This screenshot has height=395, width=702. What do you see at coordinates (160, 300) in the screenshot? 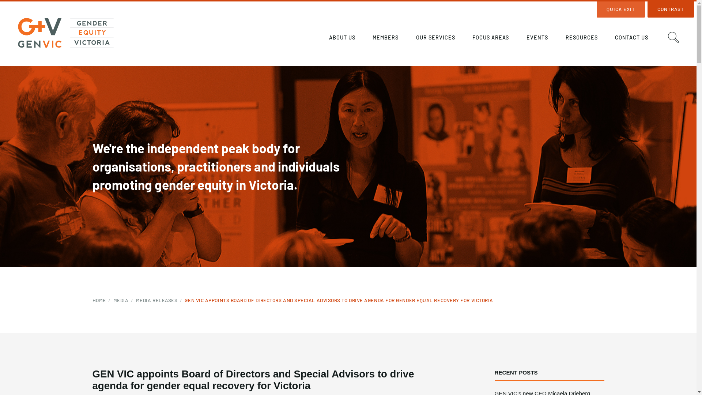
I see `'MEDIA RELEASES'` at bounding box center [160, 300].